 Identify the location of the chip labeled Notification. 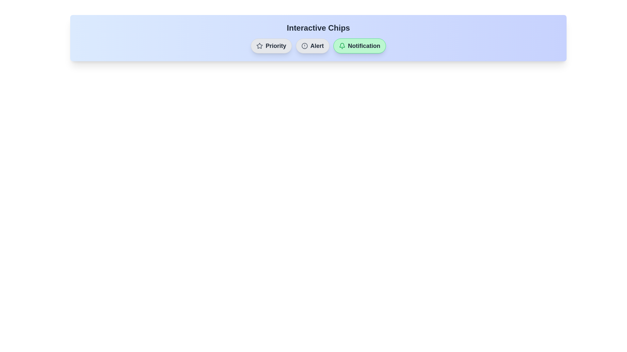
(359, 46).